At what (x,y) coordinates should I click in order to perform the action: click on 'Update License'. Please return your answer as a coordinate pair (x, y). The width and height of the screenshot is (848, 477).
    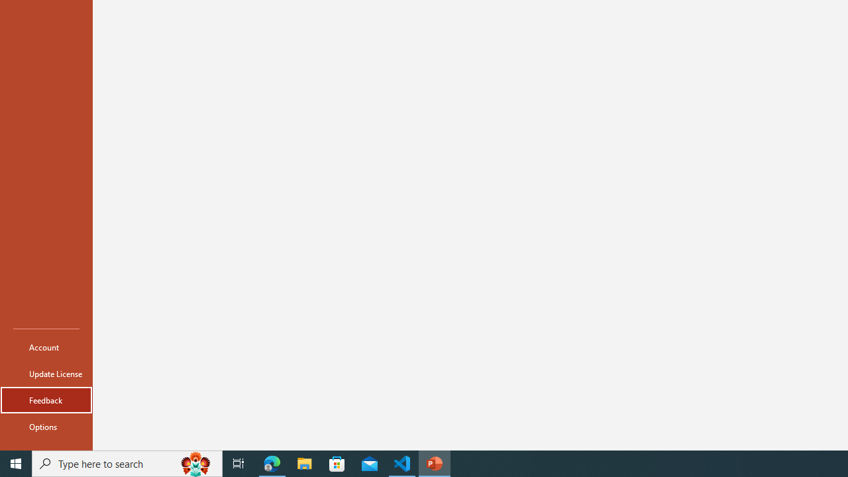
    Looking at the image, I should click on (46, 374).